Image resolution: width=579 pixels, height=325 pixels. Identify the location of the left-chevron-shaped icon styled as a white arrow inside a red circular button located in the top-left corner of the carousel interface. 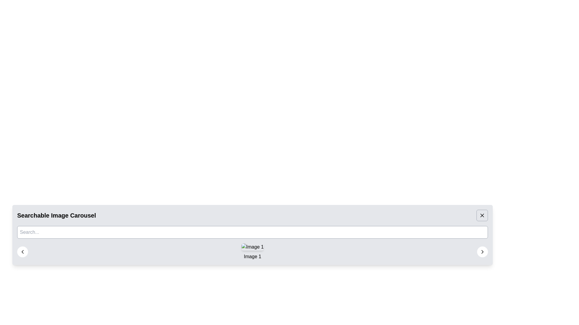
(23, 252).